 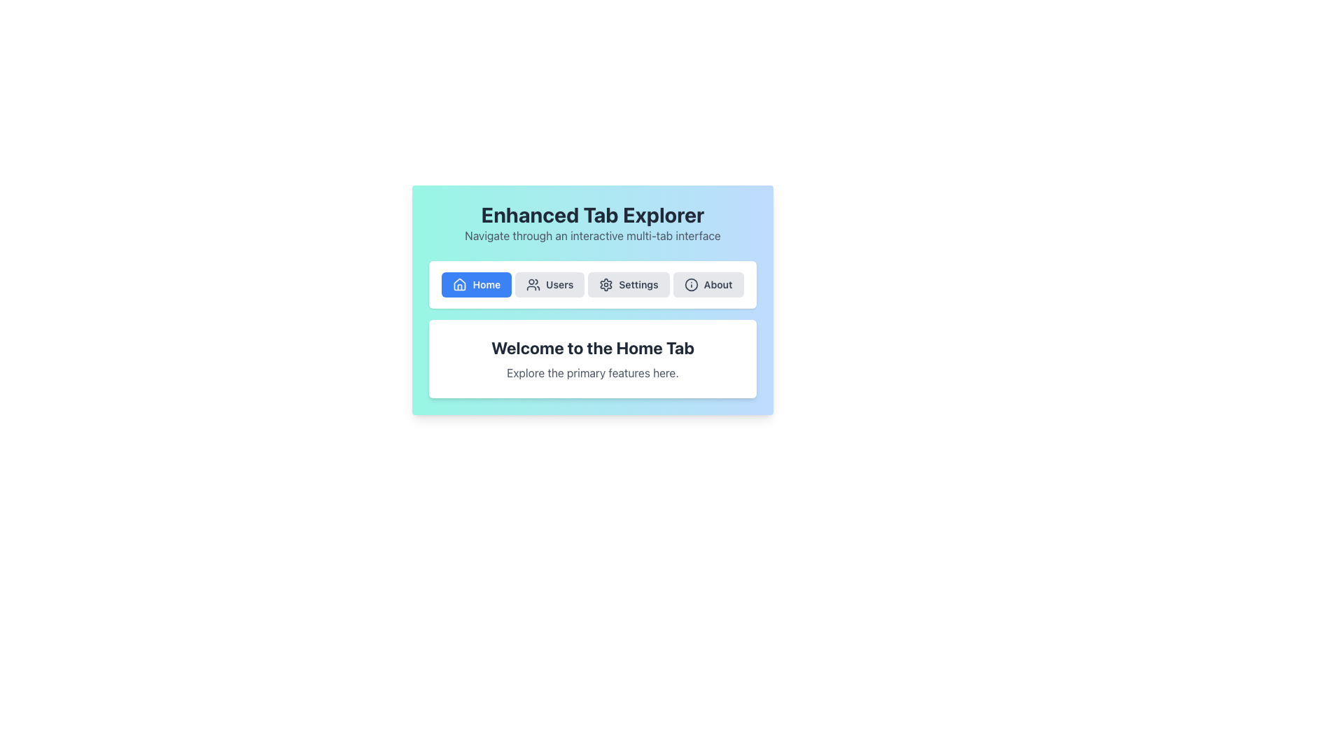 What do you see at coordinates (606, 284) in the screenshot?
I see `the gear icon representing settings functionality, which is located to the left of the text 'Settings' in the third option of the horizontal navigation bar` at bounding box center [606, 284].